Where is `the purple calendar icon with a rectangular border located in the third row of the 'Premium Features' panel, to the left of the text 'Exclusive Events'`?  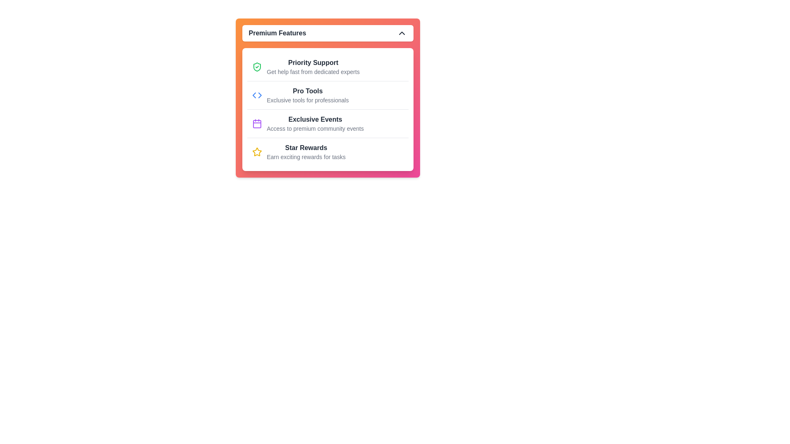 the purple calendar icon with a rectangular border located in the third row of the 'Premium Features' panel, to the left of the text 'Exclusive Events' is located at coordinates (256, 123).